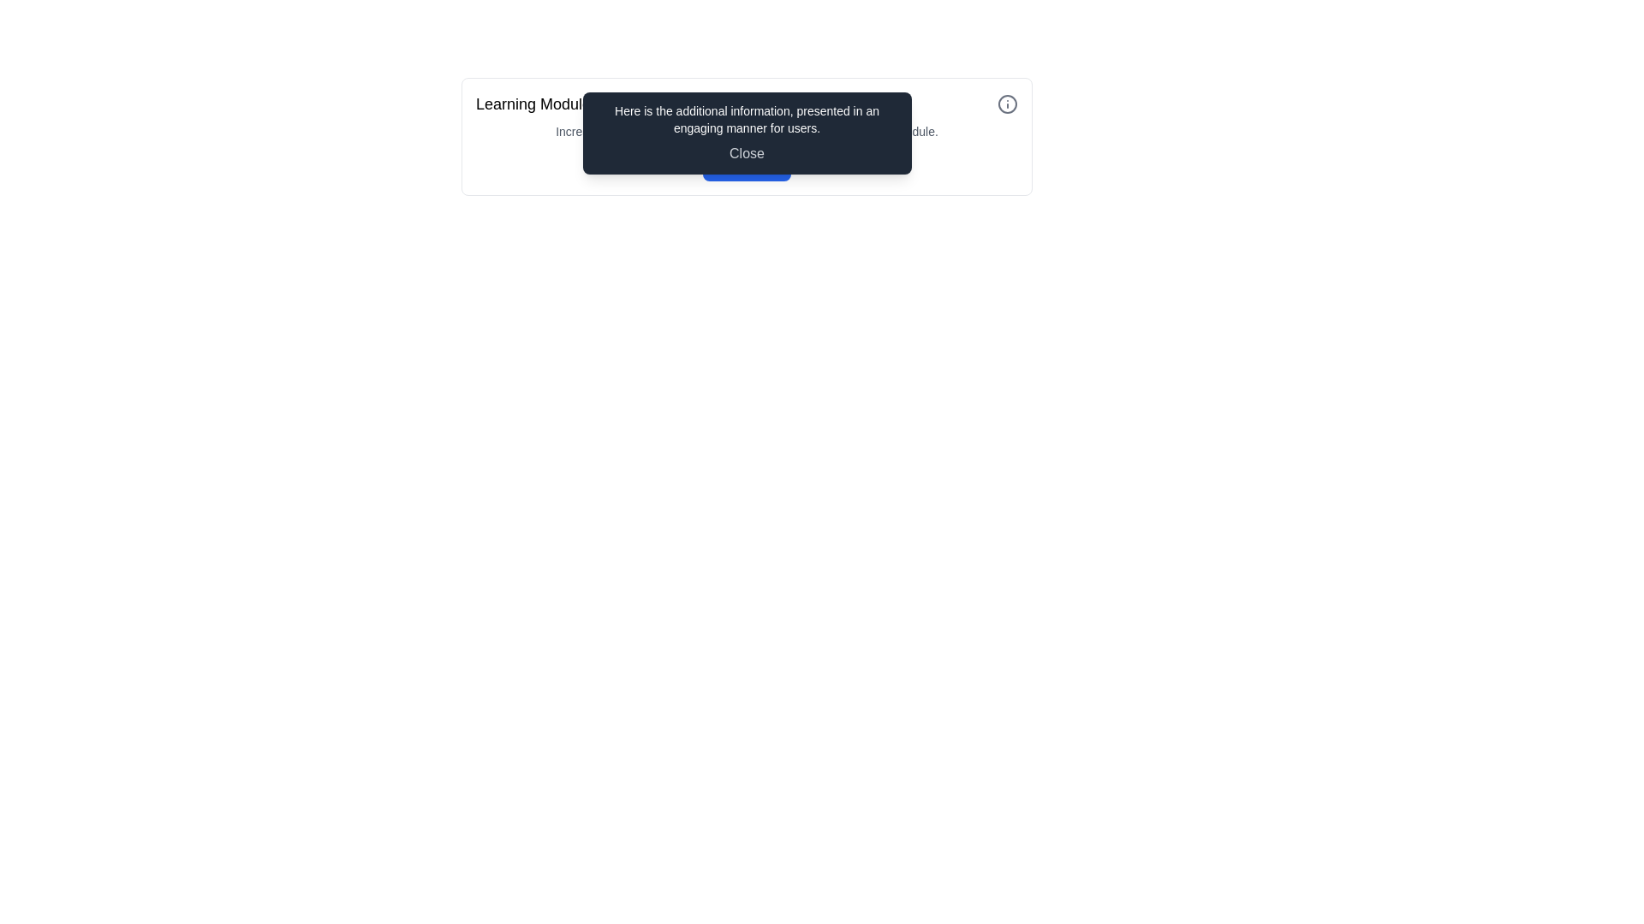 The image size is (1644, 924). Describe the element at coordinates (1007, 104) in the screenshot. I see `the outermost circular part of the icon located in the top-right region of the modal or card interface, which serves as a background or structural outline for the icon's other components` at that location.